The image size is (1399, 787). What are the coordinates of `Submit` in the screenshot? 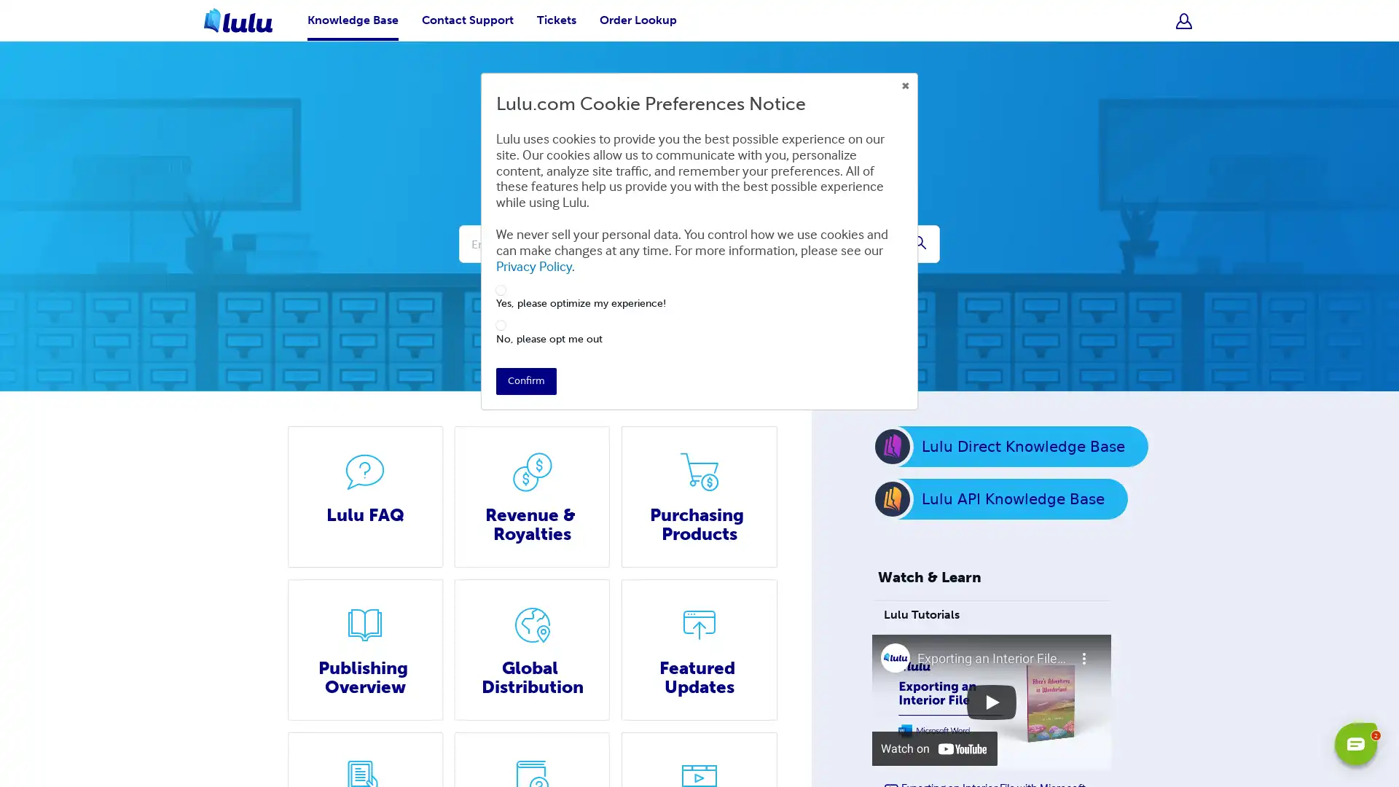 It's located at (919, 243).